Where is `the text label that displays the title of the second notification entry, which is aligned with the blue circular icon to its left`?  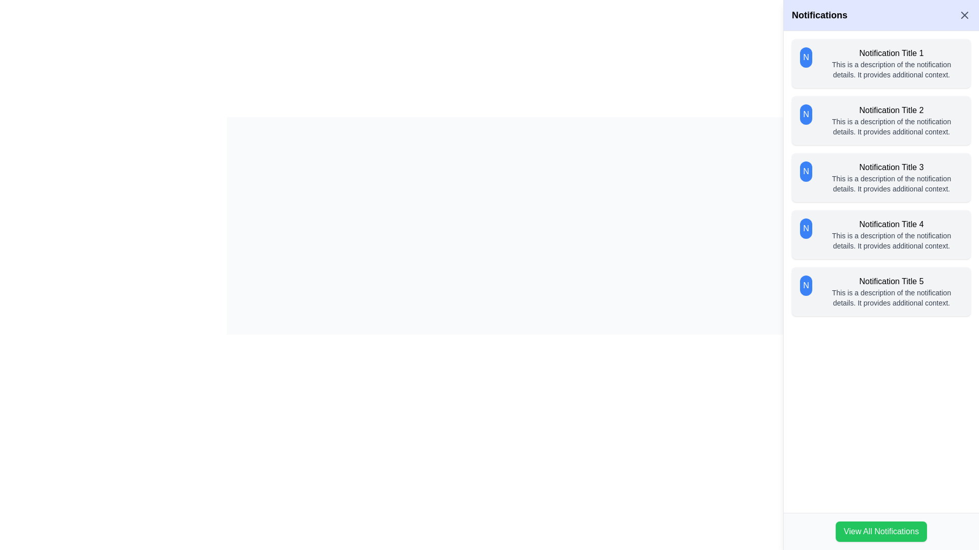
the text label that displays the title of the second notification entry, which is aligned with the blue circular icon to its left is located at coordinates (891, 110).